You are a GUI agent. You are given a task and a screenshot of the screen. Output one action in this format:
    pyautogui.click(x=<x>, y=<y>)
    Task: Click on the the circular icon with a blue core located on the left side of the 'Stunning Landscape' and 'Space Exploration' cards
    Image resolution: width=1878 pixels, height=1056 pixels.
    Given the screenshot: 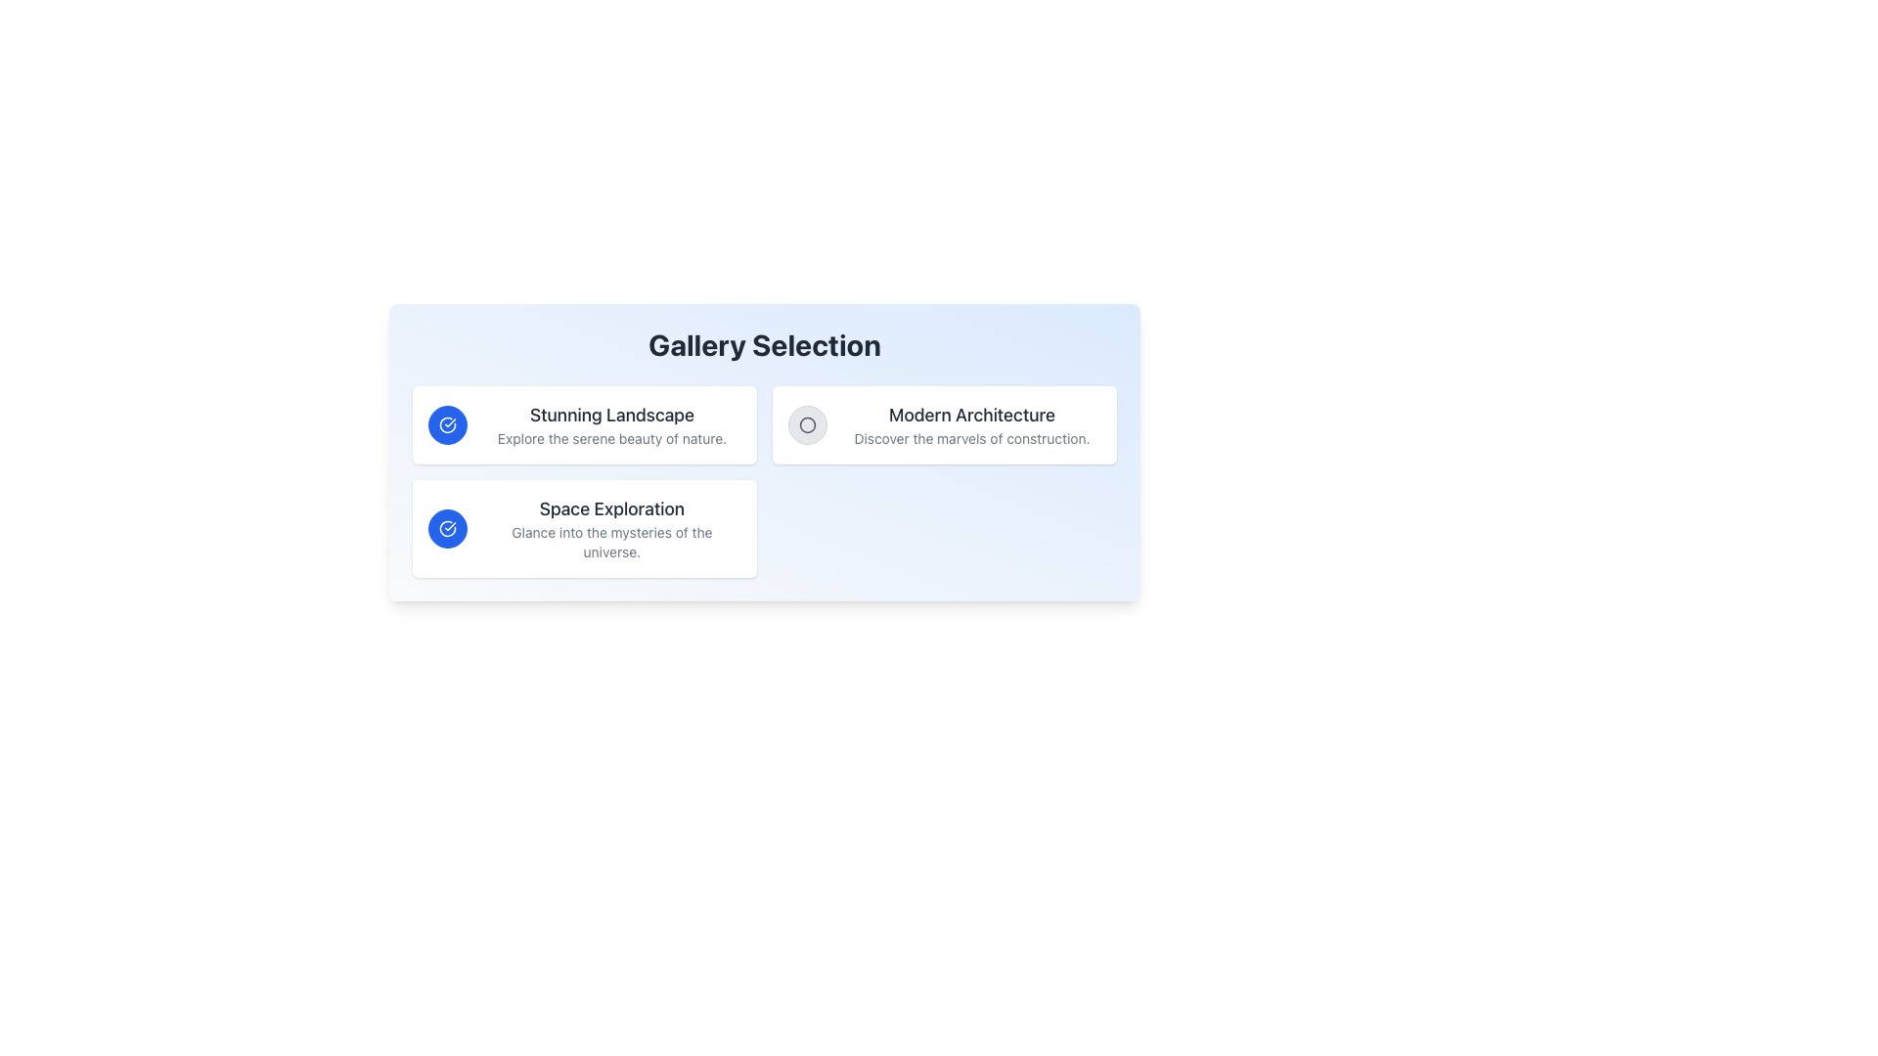 What is the action you would take?
    pyautogui.click(x=807, y=424)
    